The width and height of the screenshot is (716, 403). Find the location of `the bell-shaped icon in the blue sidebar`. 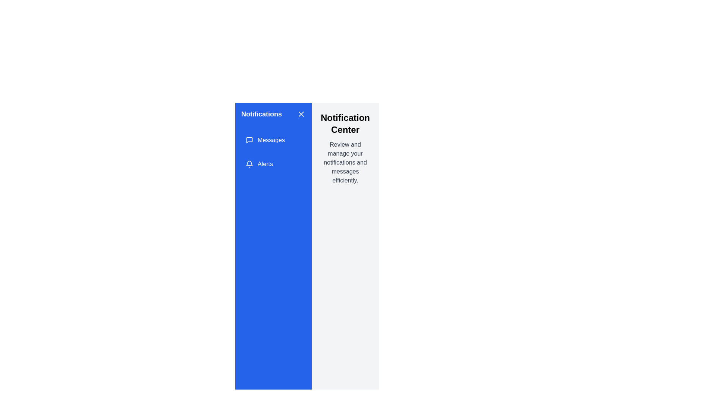

the bell-shaped icon in the blue sidebar is located at coordinates (249, 163).